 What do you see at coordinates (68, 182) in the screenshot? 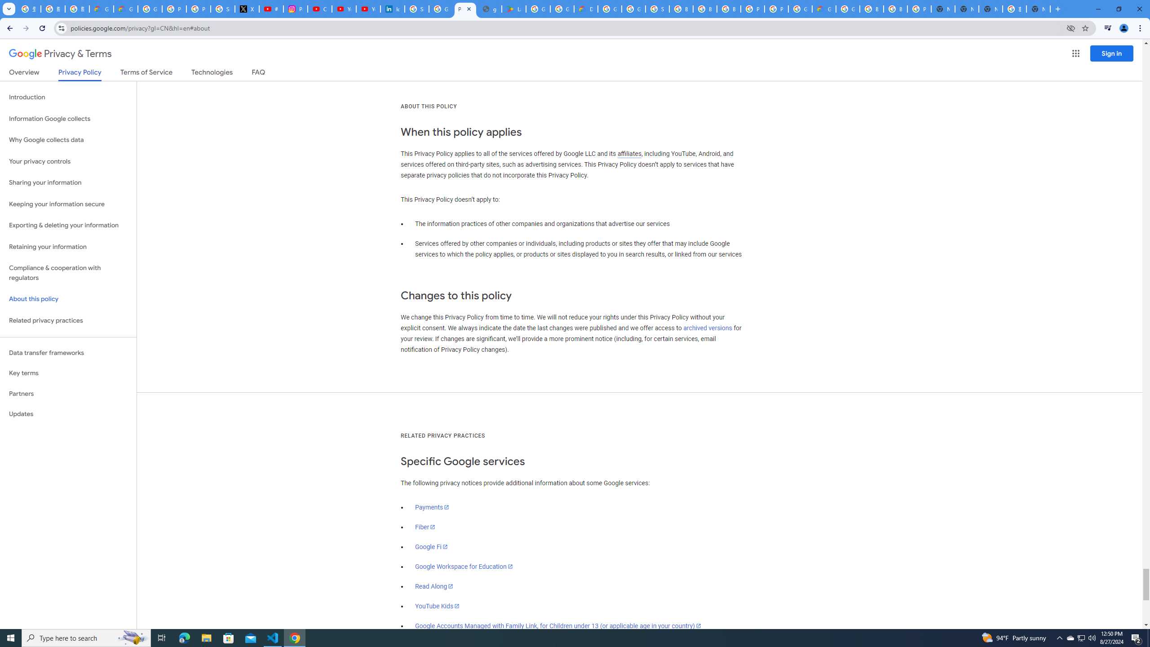
I see `'Sharing your information'` at bounding box center [68, 182].